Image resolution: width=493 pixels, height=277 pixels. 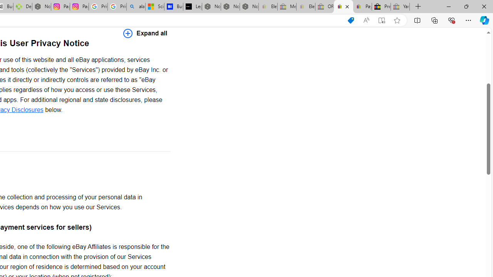 I want to click on 'Press Room - eBay Inc.', so click(x=381, y=7).